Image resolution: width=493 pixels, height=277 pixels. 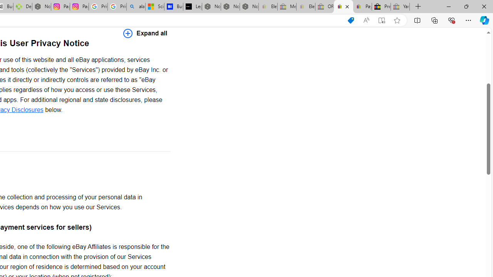 I want to click on 'Press Room - eBay Inc.', so click(x=381, y=7).